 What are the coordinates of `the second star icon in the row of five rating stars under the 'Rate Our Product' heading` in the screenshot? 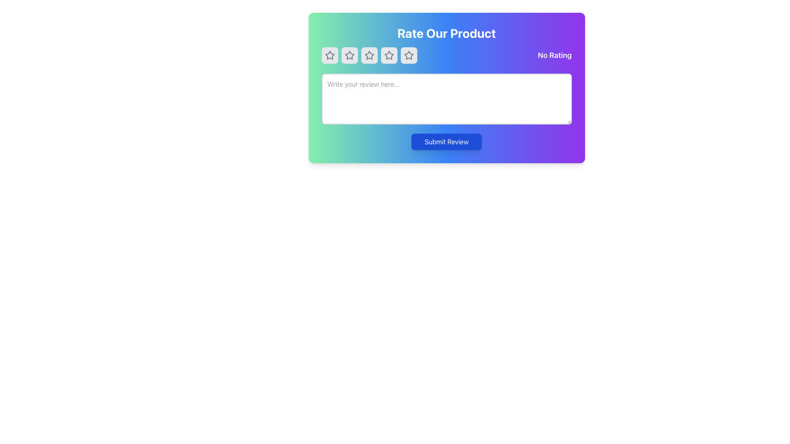 It's located at (369, 55).